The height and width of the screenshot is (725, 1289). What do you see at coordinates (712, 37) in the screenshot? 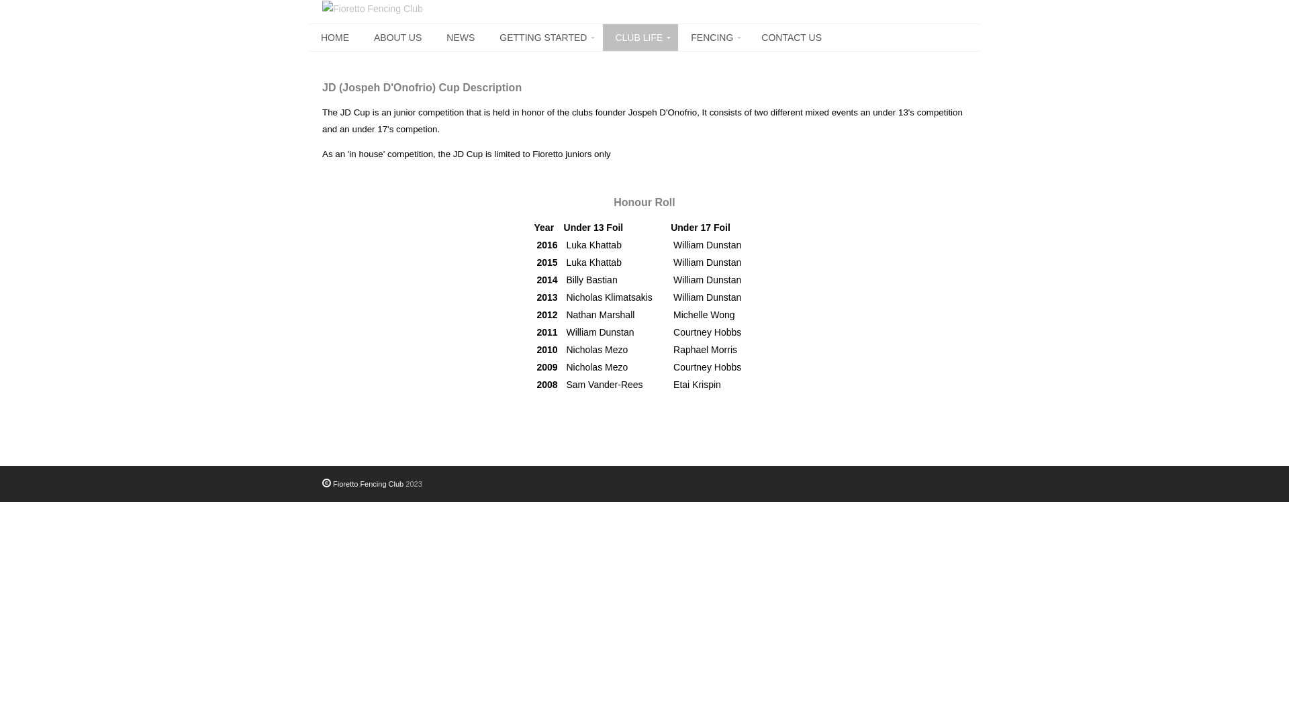
I see `'FENCING'` at bounding box center [712, 37].